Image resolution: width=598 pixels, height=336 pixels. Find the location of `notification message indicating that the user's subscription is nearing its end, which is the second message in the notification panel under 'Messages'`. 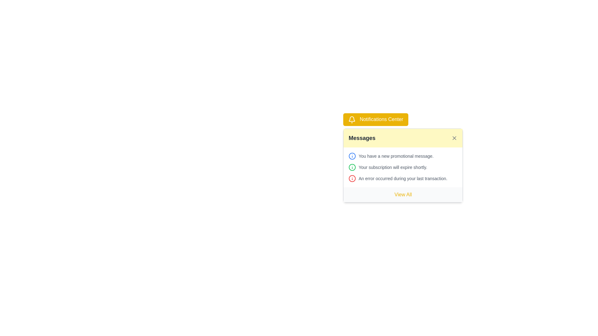

notification message indicating that the user's subscription is nearing its end, which is the second message in the notification panel under 'Messages' is located at coordinates (403, 167).